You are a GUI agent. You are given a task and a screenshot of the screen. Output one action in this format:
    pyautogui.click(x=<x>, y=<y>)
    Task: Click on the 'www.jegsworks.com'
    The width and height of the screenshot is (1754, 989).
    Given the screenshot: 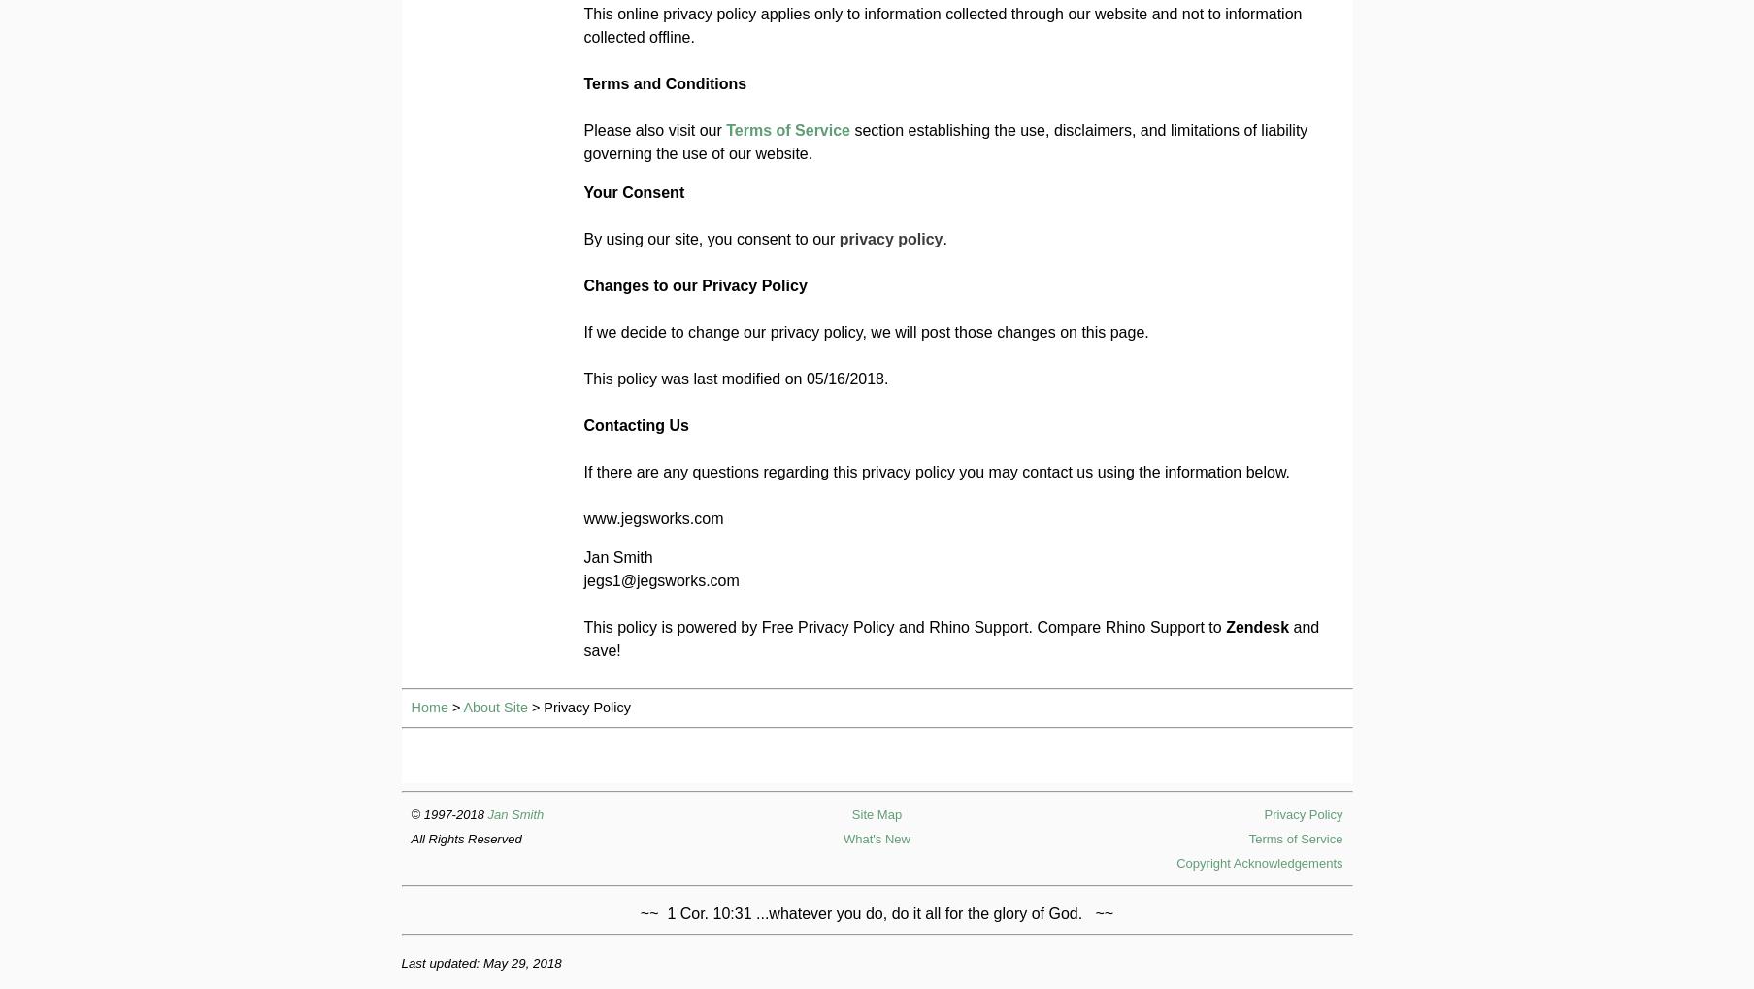 What is the action you would take?
    pyautogui.click(x=651, y=518)
    